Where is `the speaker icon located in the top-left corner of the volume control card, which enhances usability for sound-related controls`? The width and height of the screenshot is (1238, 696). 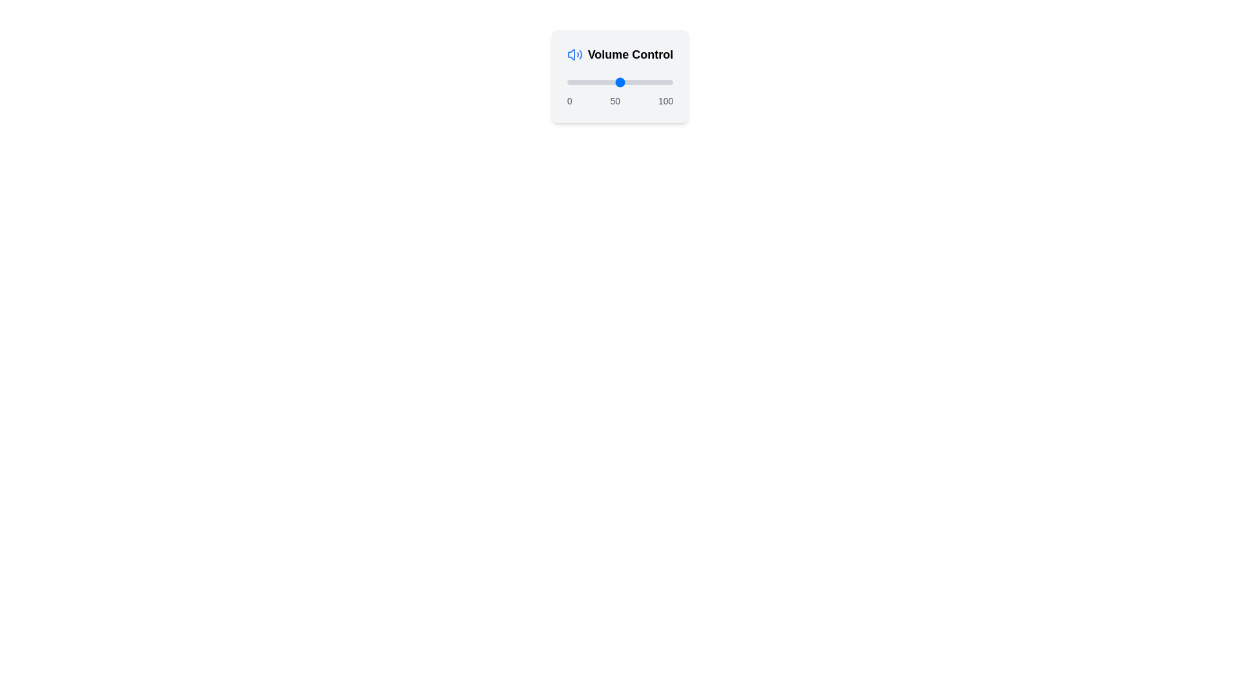
the speaker icon located in the top-left corner of the volume control card, which enhances usability for sound-related controls is located at coordinates (571, 53).